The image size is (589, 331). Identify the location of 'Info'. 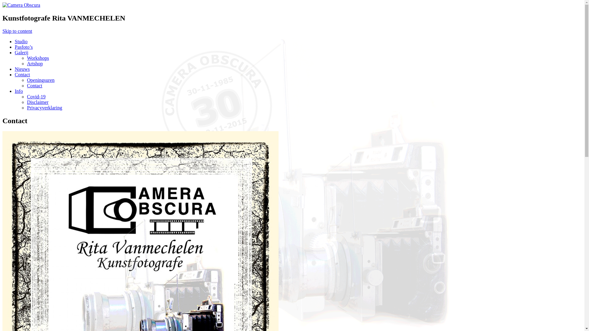
(19, 91).